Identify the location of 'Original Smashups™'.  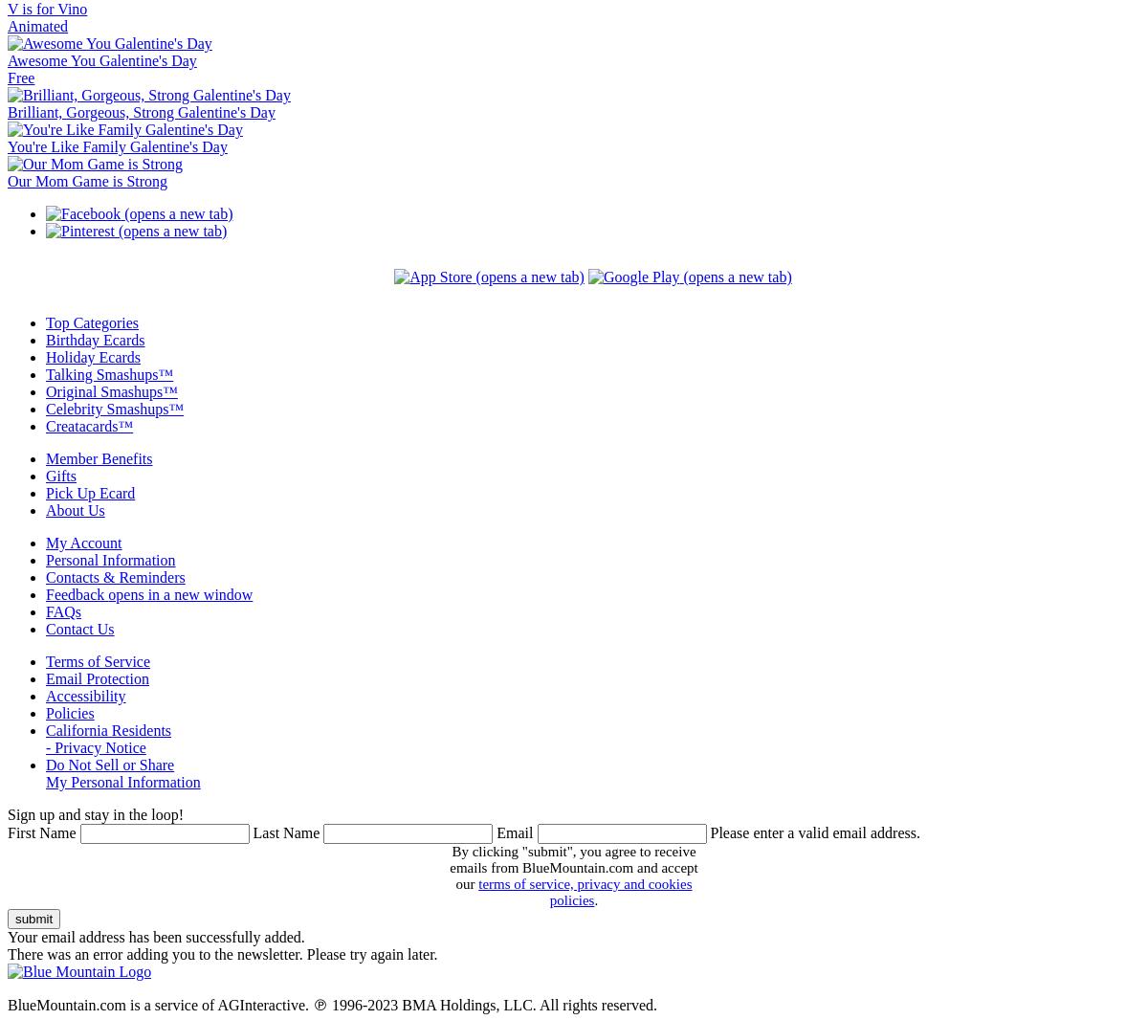
(111, 391).